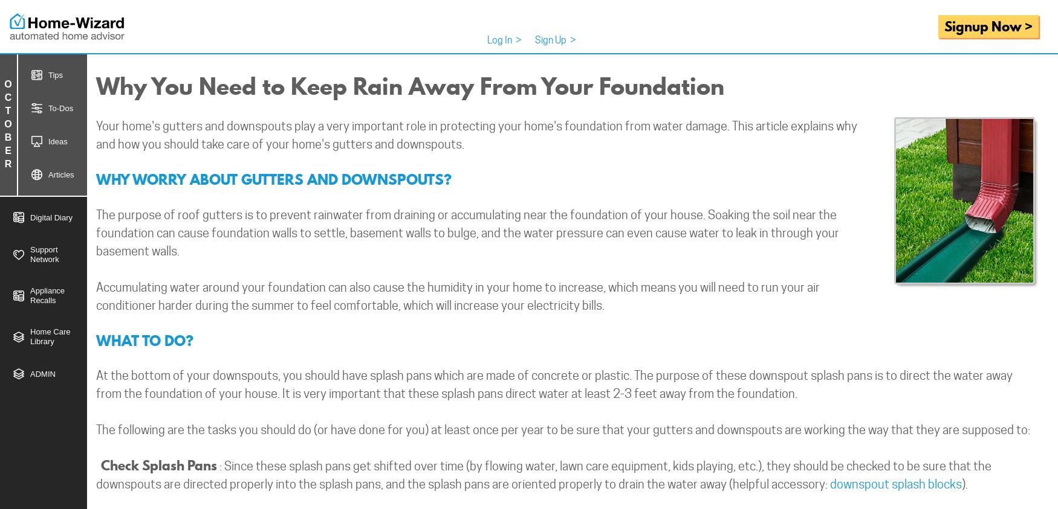  What do you see at coordinates (56, 74) in the screenshot?
I see `'Tips'` at bounding box center [56, 74].